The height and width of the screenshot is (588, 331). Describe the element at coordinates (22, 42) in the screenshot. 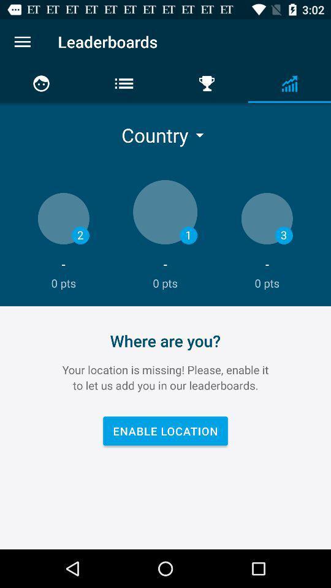

I see `the item to the left of leaderboards icon` at that location.